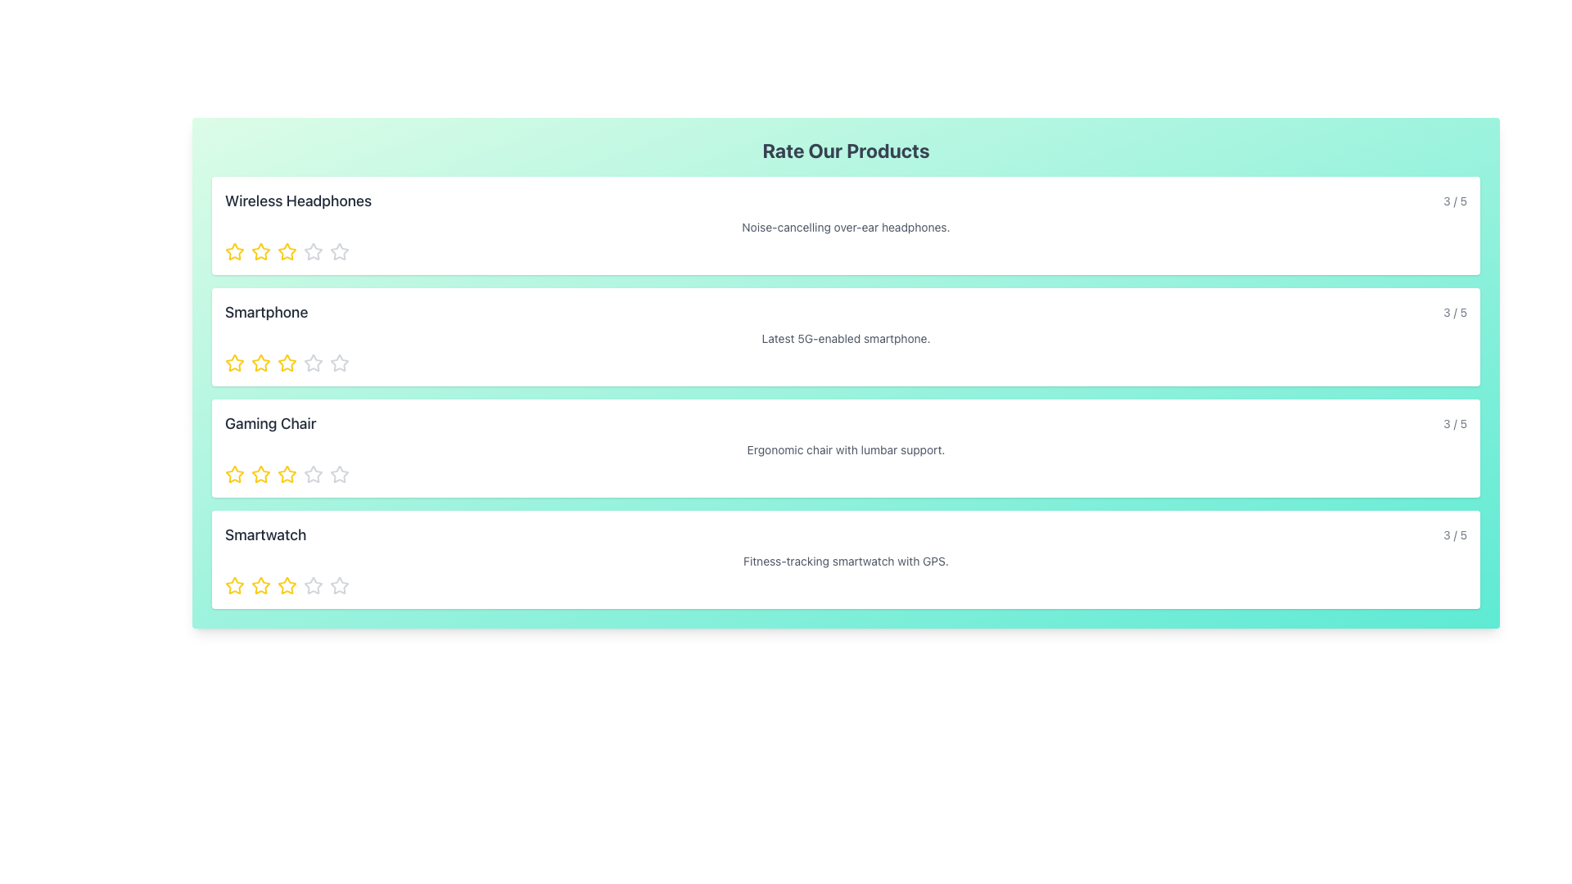 The width and height of the screenshot is (1572, 884). What do you see at coordinates (287, 585) in the screenshot?
I see `the third yellow star icon used for rating the 'Smartwatch' product` at bounding box center [287, 585].